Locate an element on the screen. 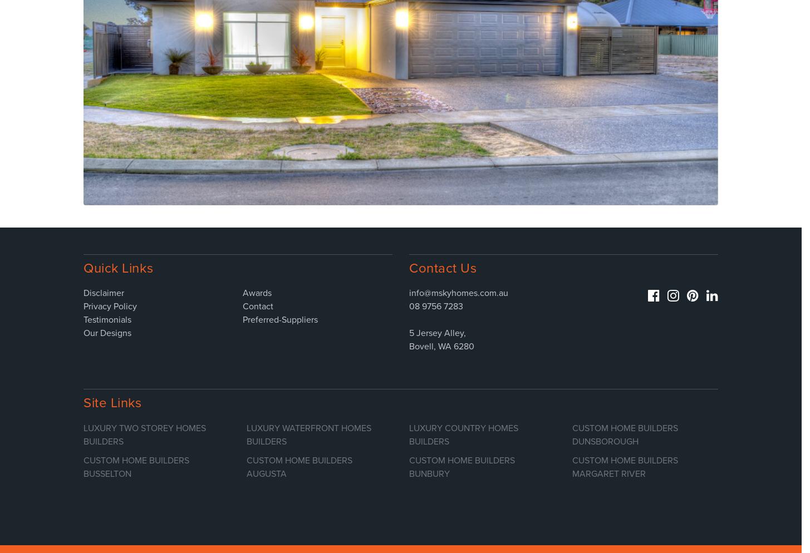  'Testimonials' is located at coordinates (107, 320).